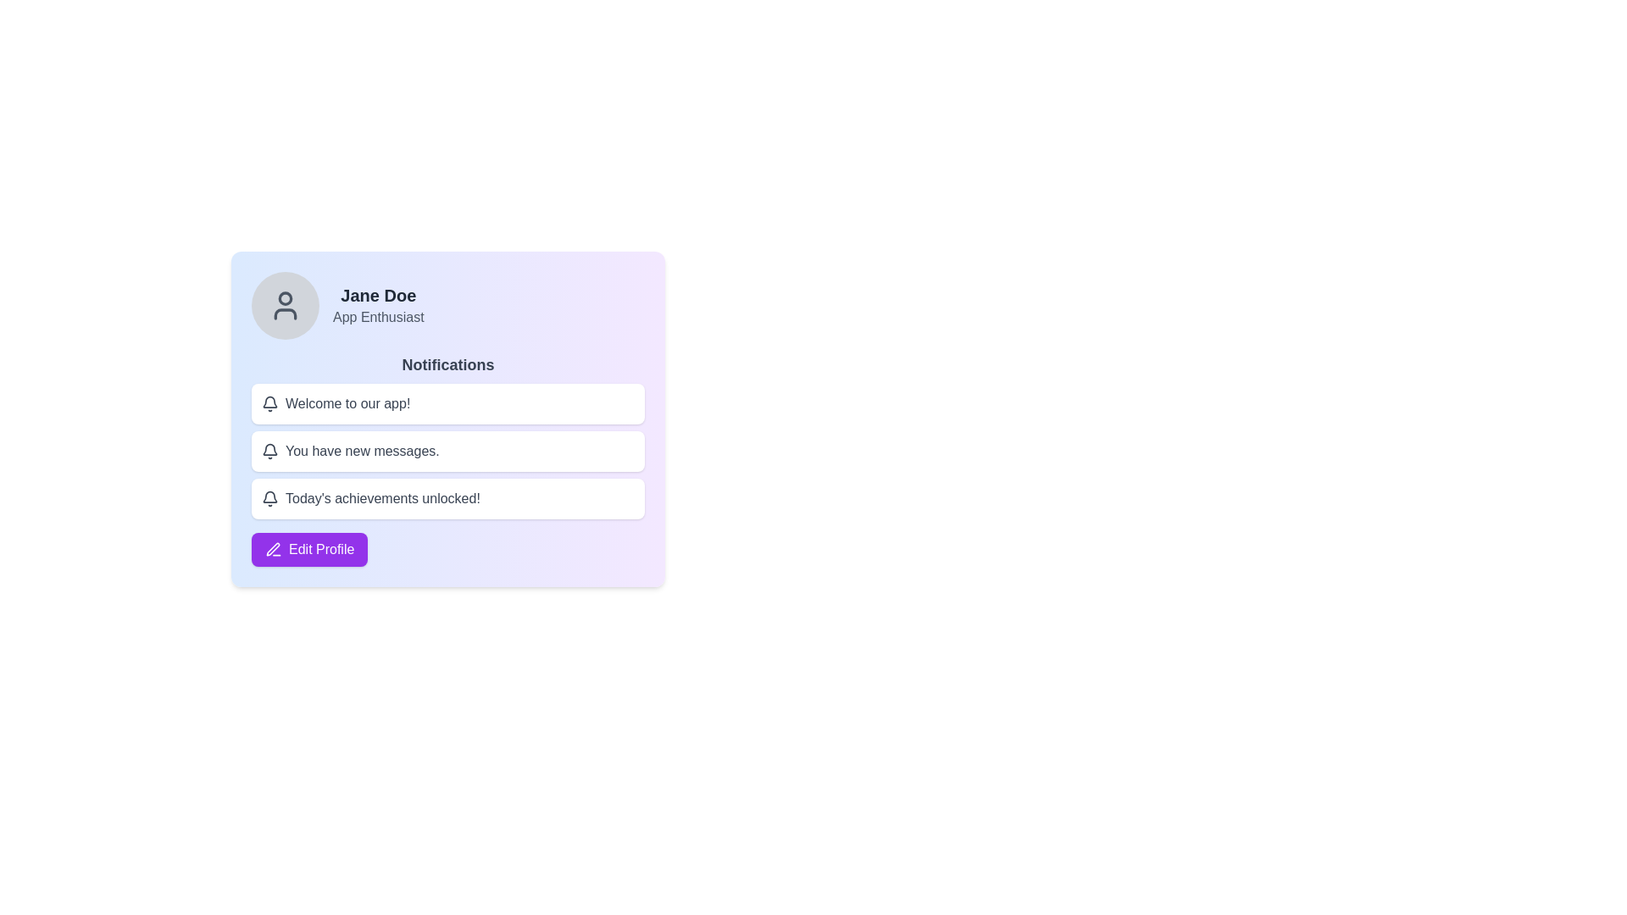 The width and height of the screenshot is (1627, 915). Describe the element at coordinates (269, 498) in the screenshot. I see `the notification icon that signifies alerts or updates, located at the bottom of the notification section, preceding the text 'Today's achievements unlocked!'` at that location.